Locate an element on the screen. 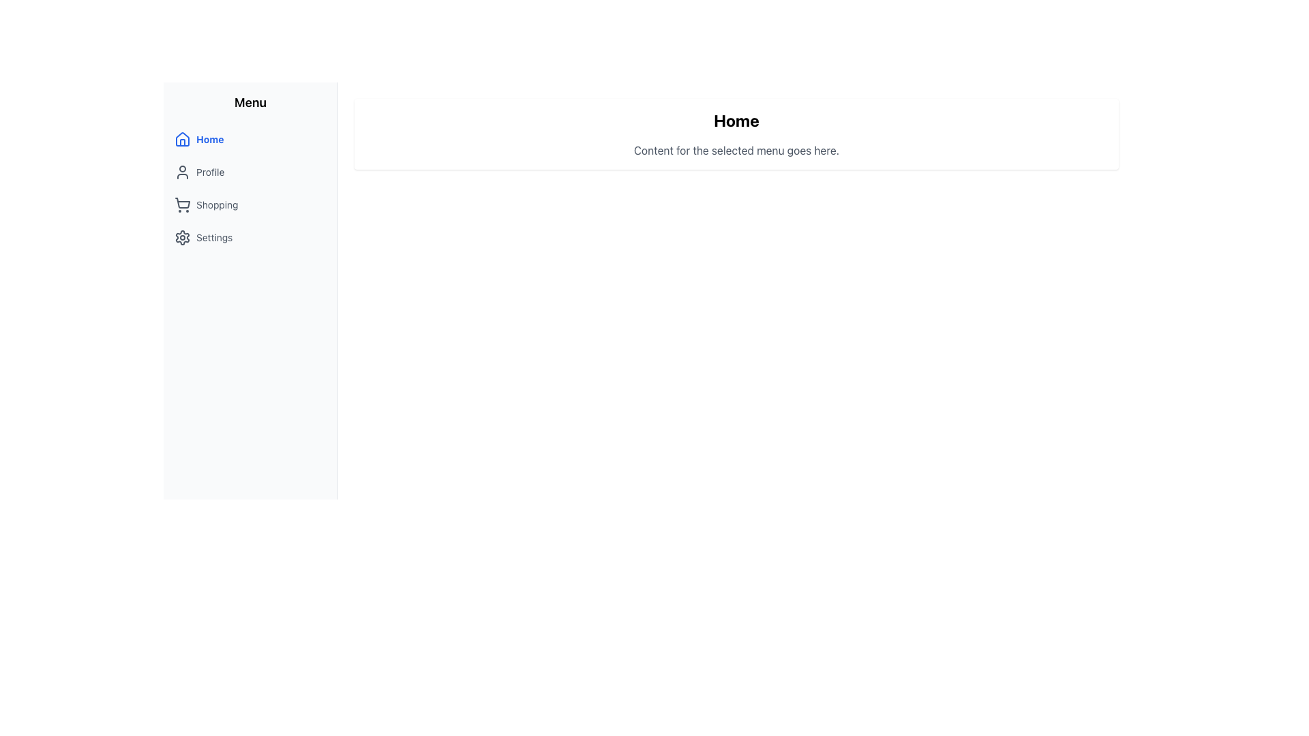 The width and height of the screenshot is (1309, 736). the 'Settings' text label located in the vertical sidebar menu, which is the last clickable label beneath the 'Shopping' item is located at coordinates (213, 236).